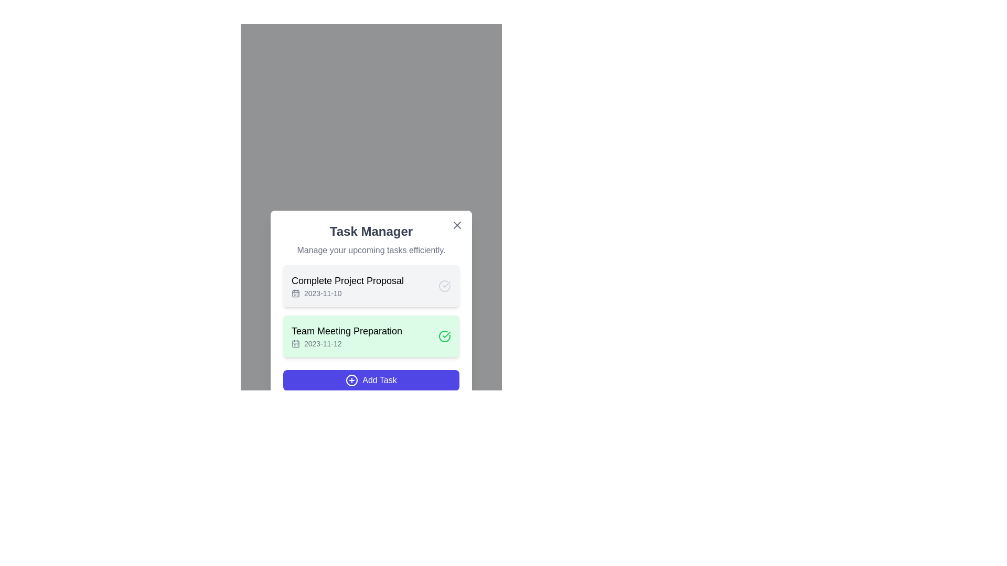 This screenshot has width=1007, height=566. I want to click on the completion status icon for the task 'Team Meeting Preparation' located in the 'Task Manager' dialog box, so click(446, 335).